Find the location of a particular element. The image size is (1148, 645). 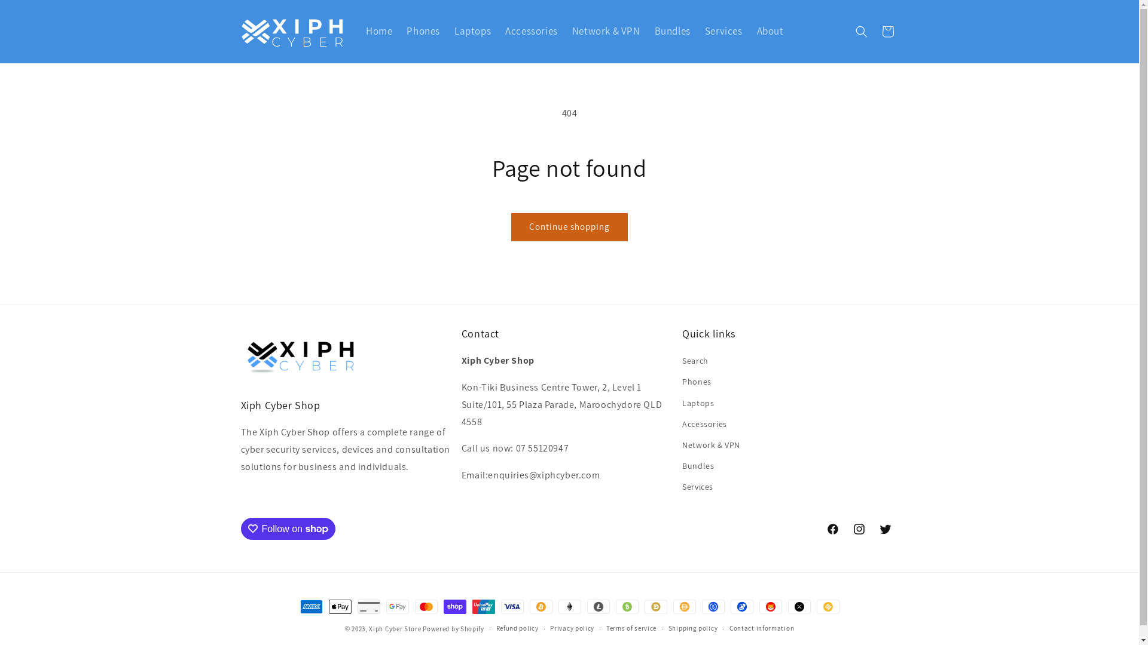

'Search' is located at coordinates (682, 361).